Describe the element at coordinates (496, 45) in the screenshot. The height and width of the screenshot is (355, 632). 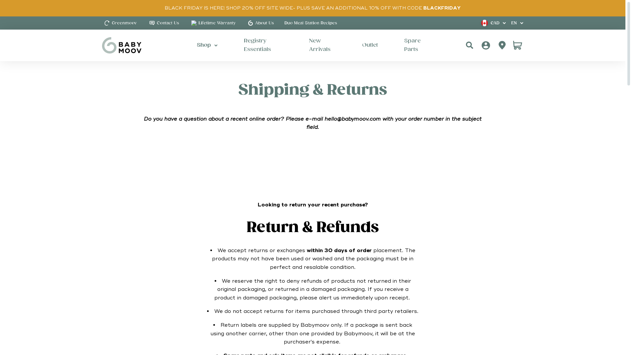
I see `'Open account page'` at that location.